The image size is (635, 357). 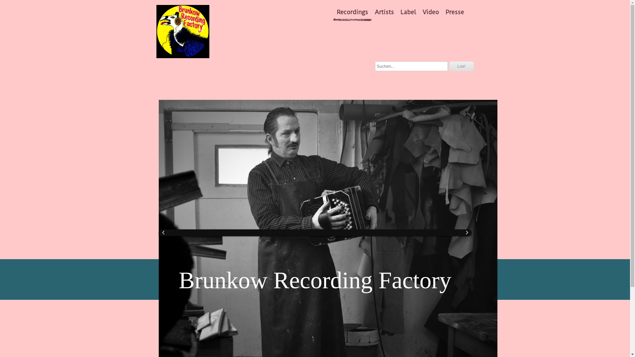 What do you see at coordinates (461, 66) in the screenshot?
I see `'Los!'` at bounding box center [461, 66].